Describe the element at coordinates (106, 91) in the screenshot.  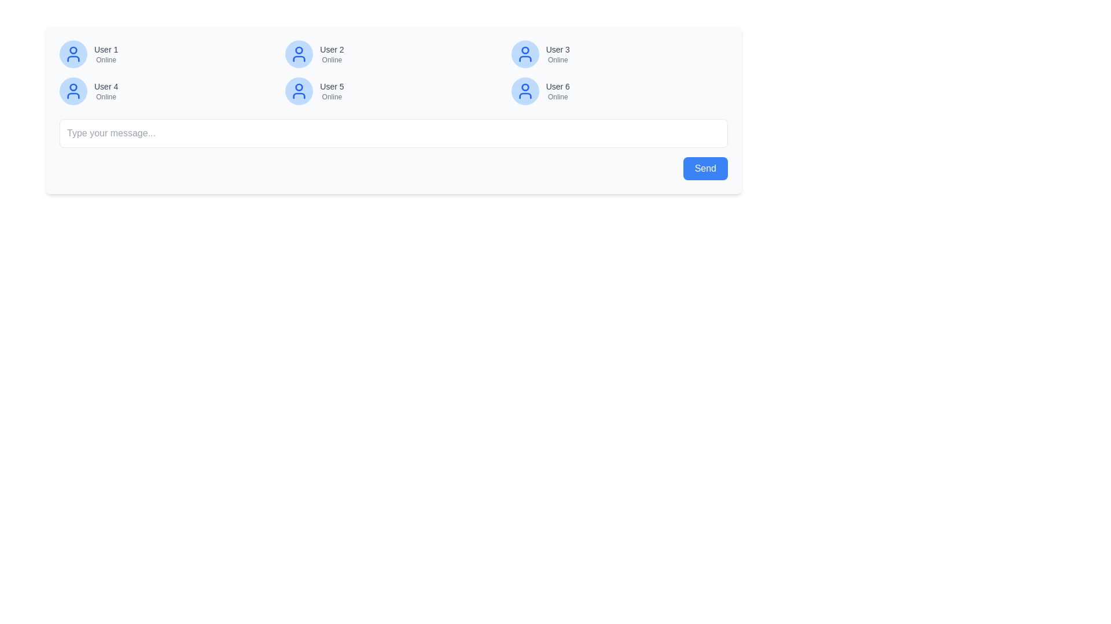
I see `the user status element indicating 'User 4 Online', which is styled with a medium gray font for the name and a smaller, lighter gray font for the status` at that location.